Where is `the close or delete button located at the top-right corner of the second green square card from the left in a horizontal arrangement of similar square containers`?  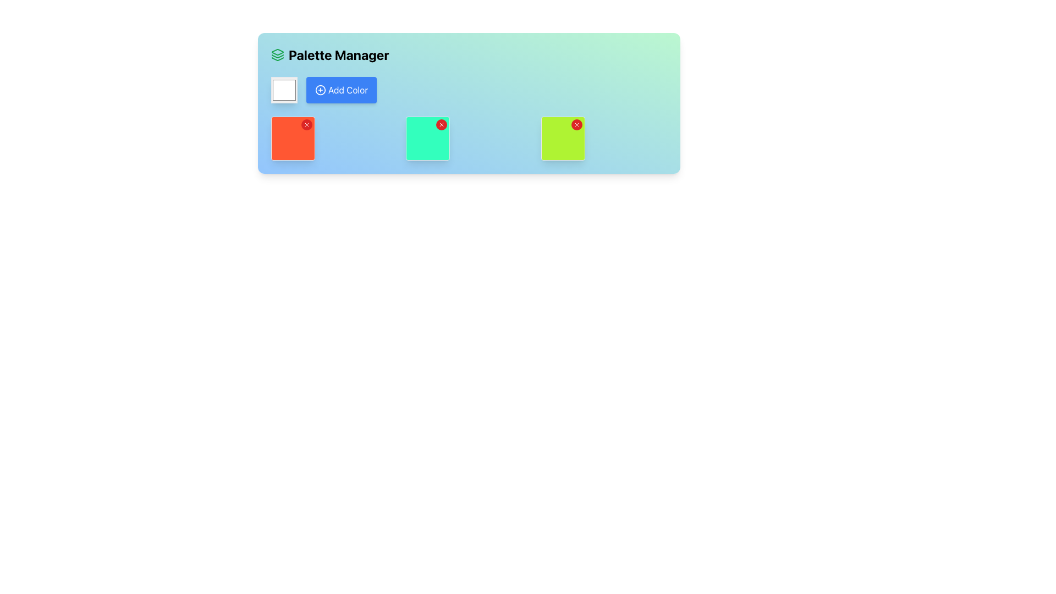 the close or delete button located at the top-right corner of the second green square card from the left in a horizontal arrangement of similar square containers is located at coordinates (442, 124).